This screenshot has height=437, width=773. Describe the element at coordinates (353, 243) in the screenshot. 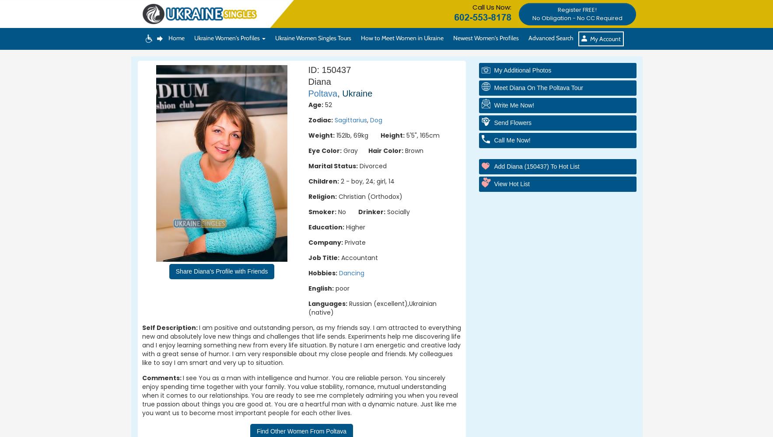

I see `'Private'` at that location.